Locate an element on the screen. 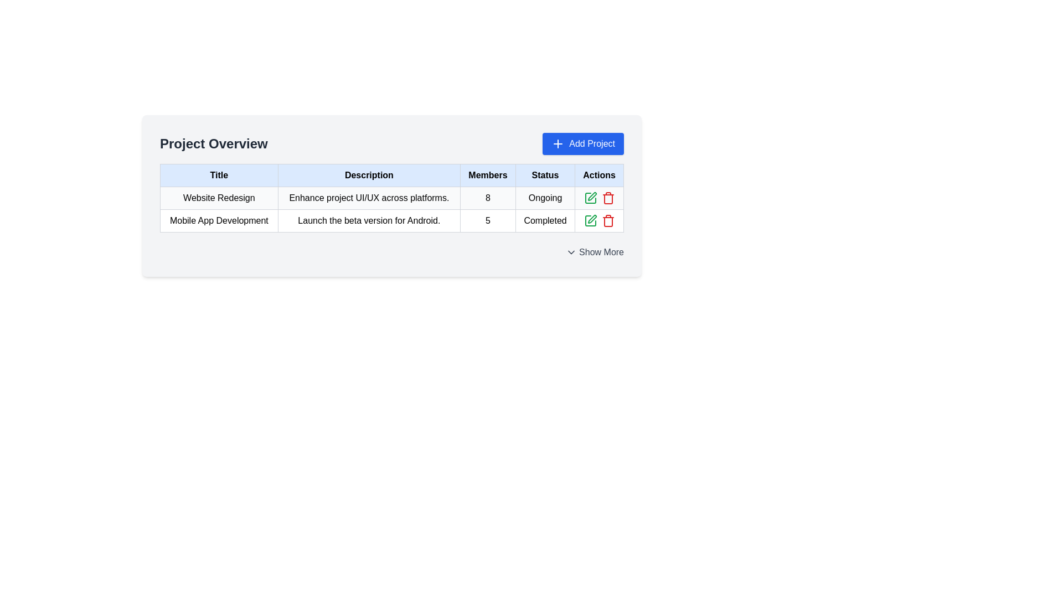 The width and height of the screenshot is (1063, 598). the 'Status' column header in the table, which is the fourth header from the left, positioned between 'Members' and 'Actions' is located at coordinates (545, 174).